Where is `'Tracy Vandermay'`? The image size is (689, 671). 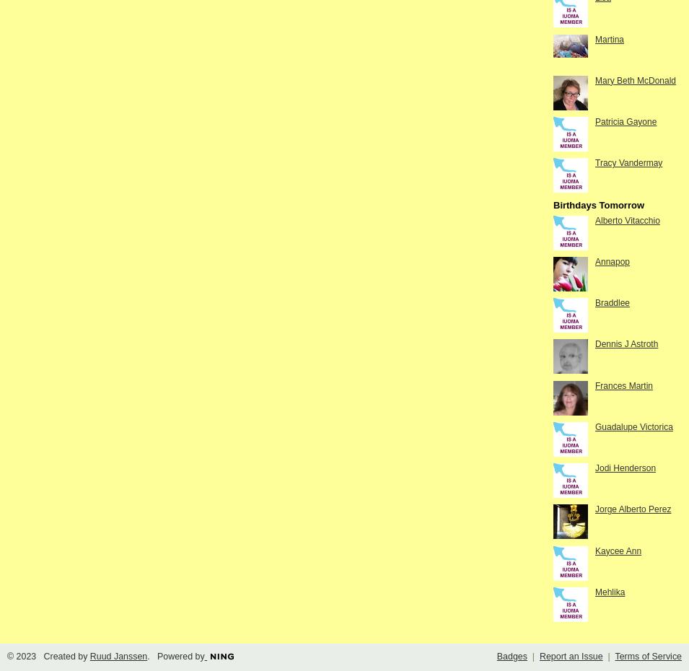 'Tracy Vandermay' is located at coordinates (628, 162).